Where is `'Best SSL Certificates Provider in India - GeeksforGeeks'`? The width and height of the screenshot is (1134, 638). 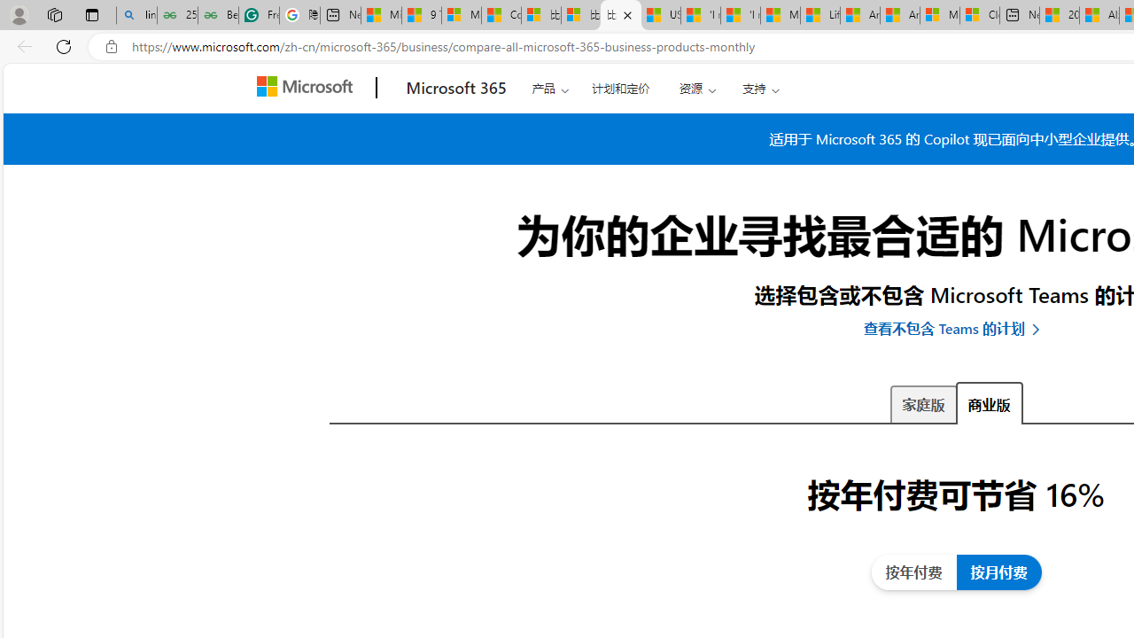
'Best SSL Certificates Provider in India - GeeksforGeeks' is located at coordinates (217, 15).